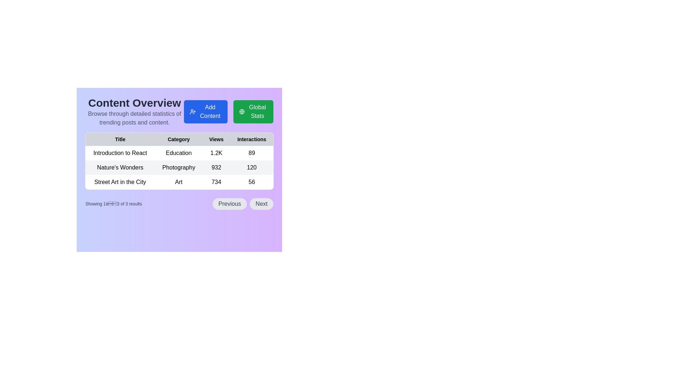  What do you see at coordinates (179, 165) in the screenshot?
I see `the second row of the data table displaying 'Nature's Wonders', 'Photography', '932', and '120'` at bounding box center [179, 165].